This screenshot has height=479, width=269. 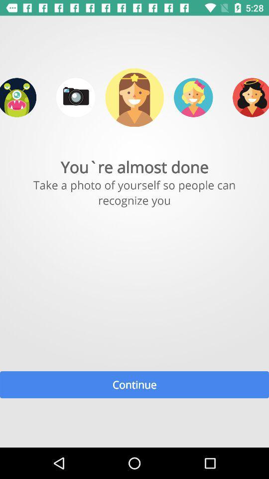 What do you see at coordinates (134, 384) in the screenshot?
I see `the icon below take a photo item` at bounding box center [134, 384].